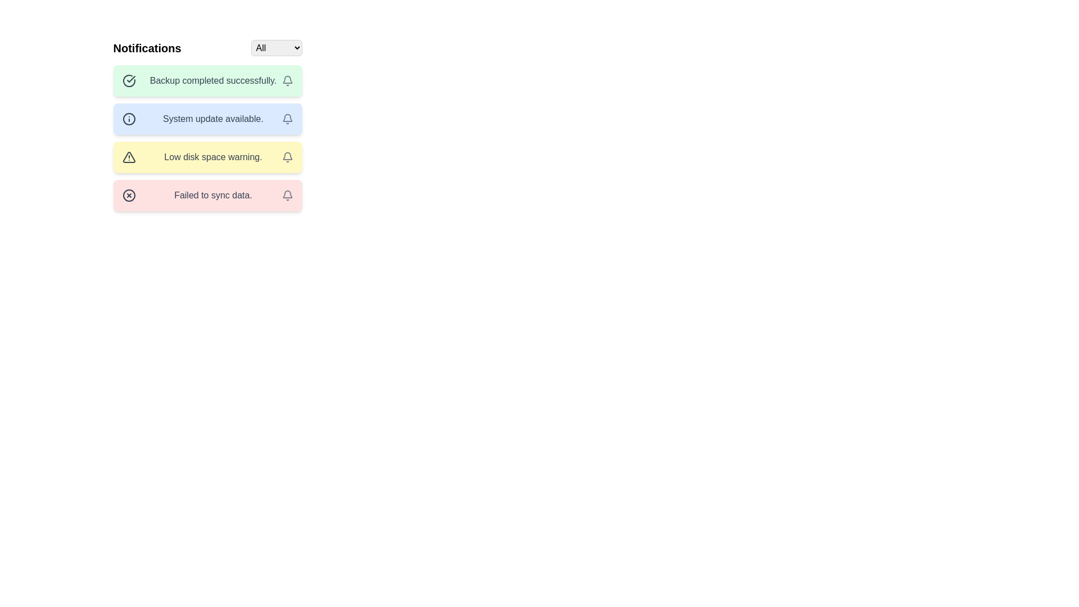  I want to click on the fourth button in the blue-tinted notification box to handle or view details about the notification associated with 'System update available.', so click(287, 119).